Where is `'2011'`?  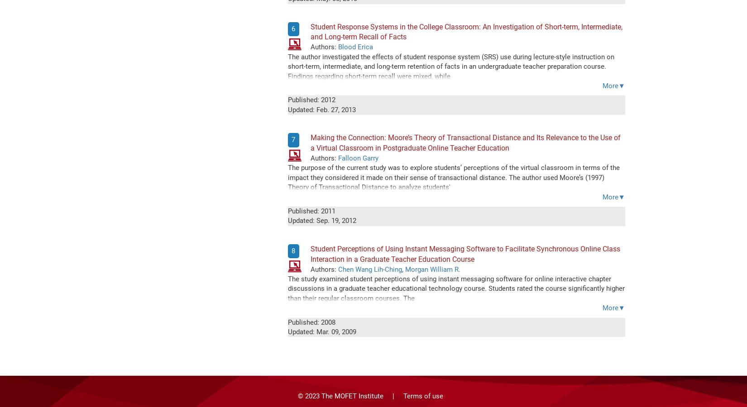
'2011' is located at coordinates (327, 211).